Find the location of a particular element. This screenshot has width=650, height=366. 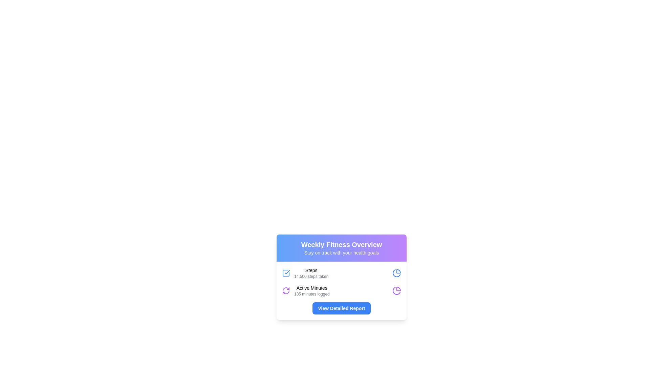

the button with a blue background and white text that reads 'View Detailed Report' is located at coordinates (341, 308).